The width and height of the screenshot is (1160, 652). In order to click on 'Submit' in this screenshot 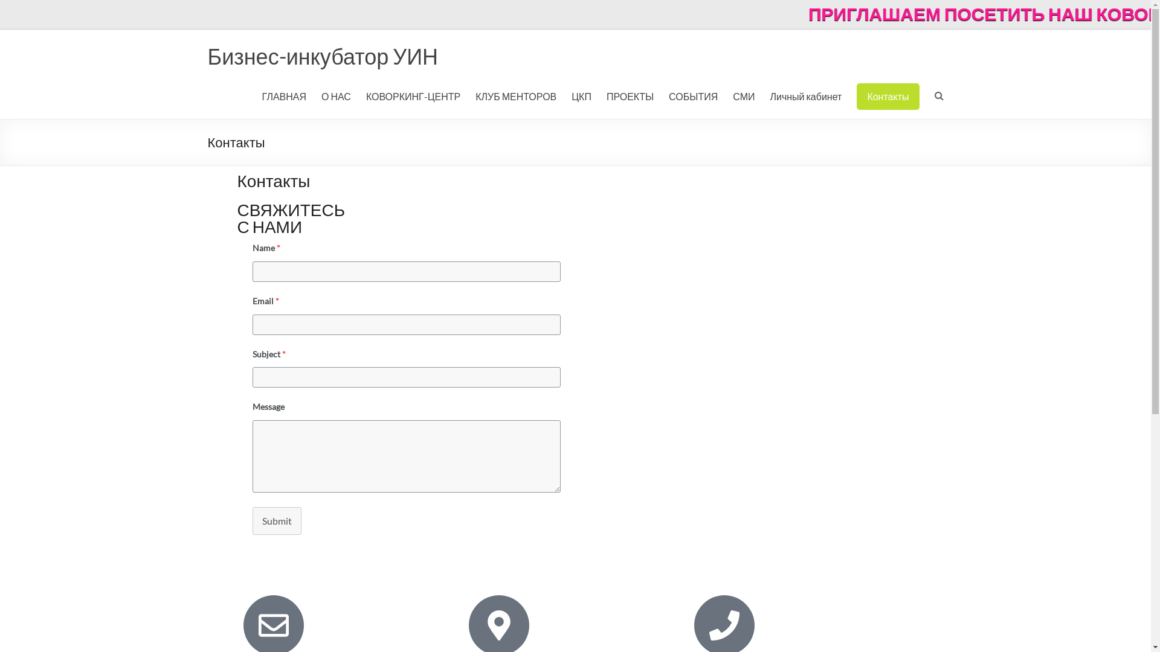, I will do `click(276, 520)`.